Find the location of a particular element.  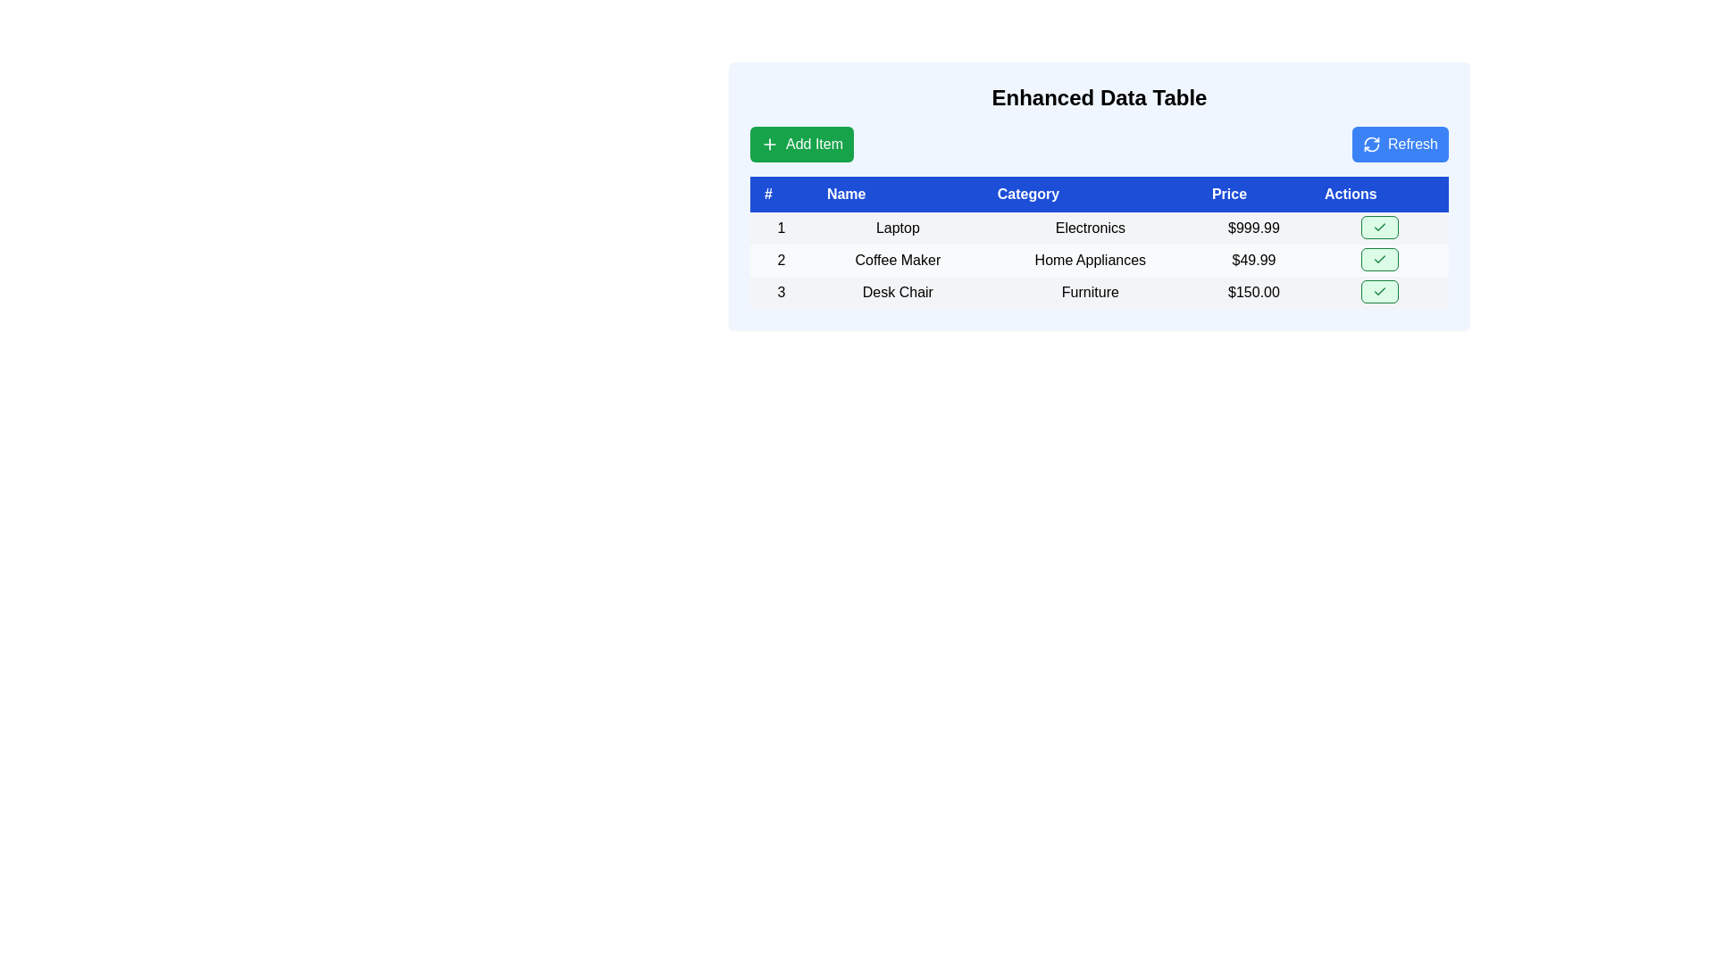

the action button in the 'Actions' column of the row associated with the product 'Desk Chair' is located at coordinates (1378, 291).